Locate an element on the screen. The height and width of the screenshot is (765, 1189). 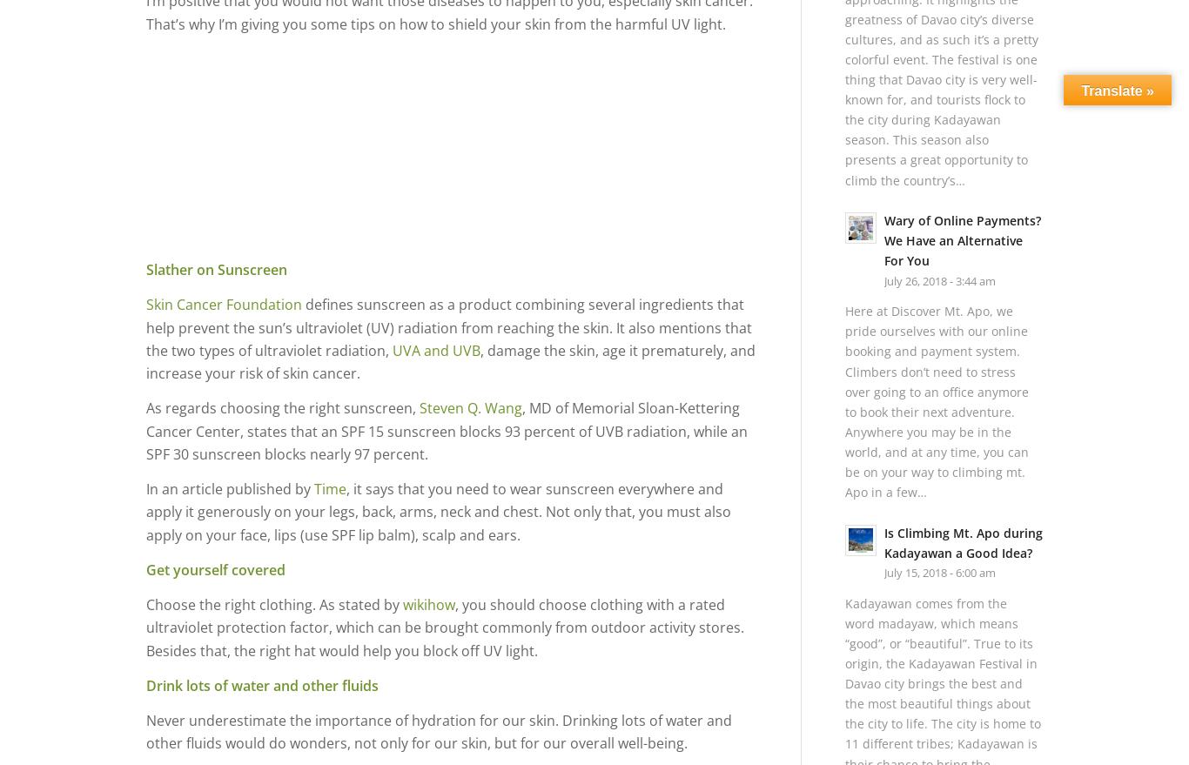
', MD of Memorial Sloan-Kettering Cancer Center, states that an SPF 15 sunscreen blocks 93 percent of UVB radiation, while an SPF 30 sunscreen blocks nearly 97 percent.' is located at coordinates (447, 430).